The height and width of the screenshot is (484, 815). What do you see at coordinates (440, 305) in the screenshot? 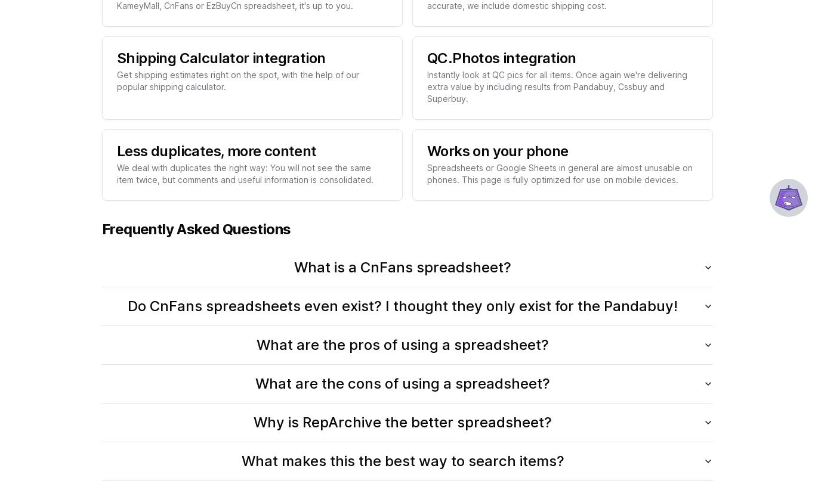
I see `'spreadsheets even exist? I thought they only exist for the Pandabuy!'` at bounding box center [440, 305].